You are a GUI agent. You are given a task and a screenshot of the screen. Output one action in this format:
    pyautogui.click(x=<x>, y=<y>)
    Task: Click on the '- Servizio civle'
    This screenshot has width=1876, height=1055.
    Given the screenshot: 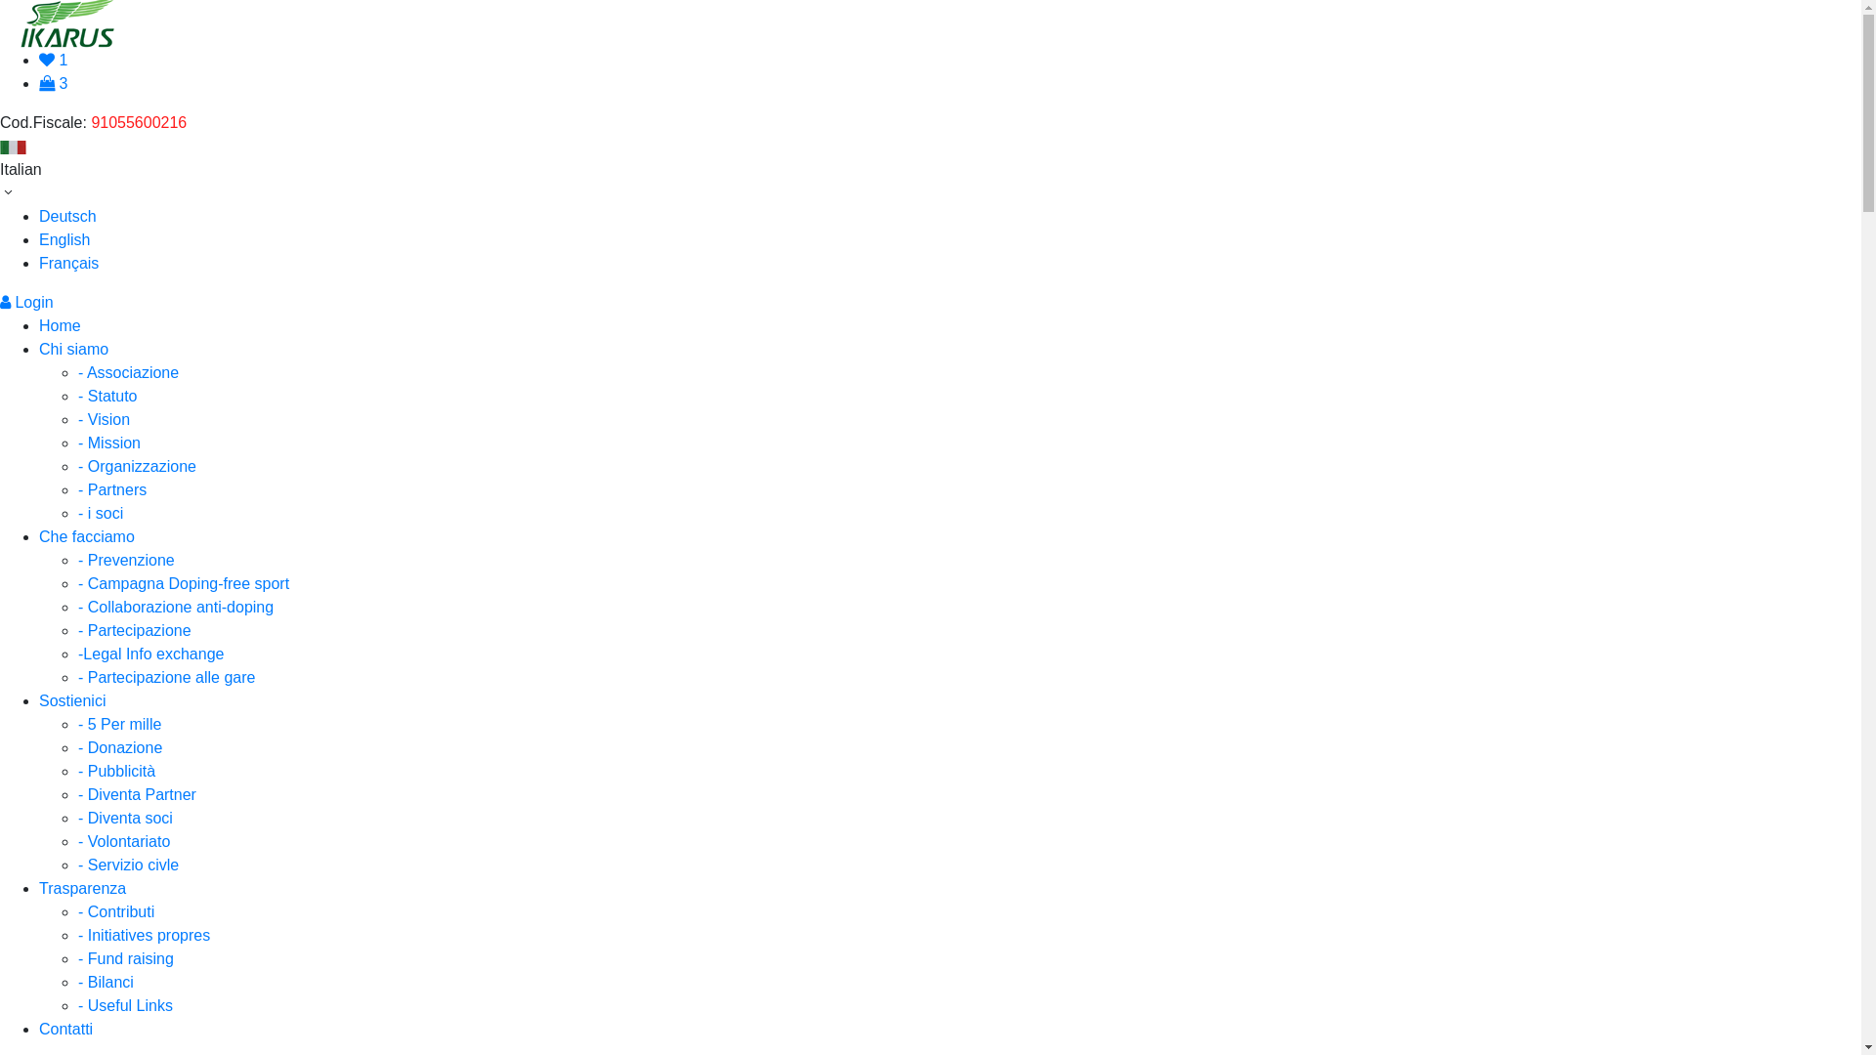 What is the action you would take?
    pyautogui.click(x=127, y=864)
    